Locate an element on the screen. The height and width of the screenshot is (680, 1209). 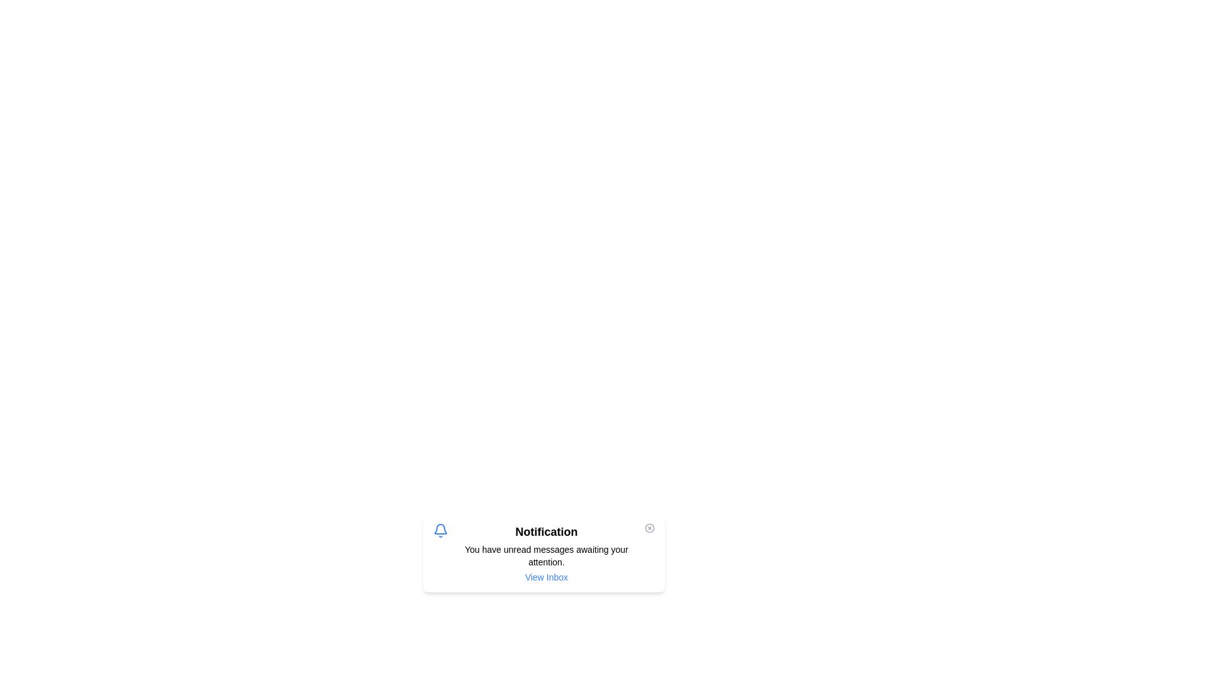
the close button located at the top-right corner of the notification box is located at coordinates (650, 528).